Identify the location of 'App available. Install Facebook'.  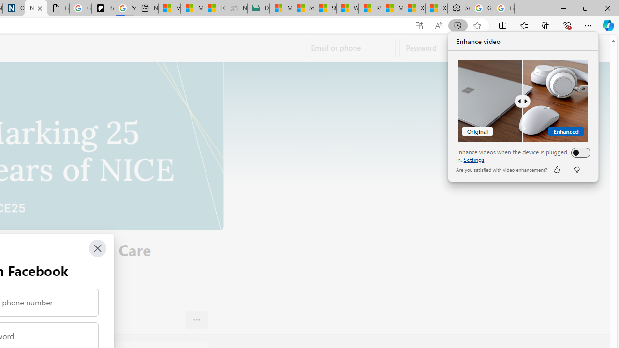
(419, 25).